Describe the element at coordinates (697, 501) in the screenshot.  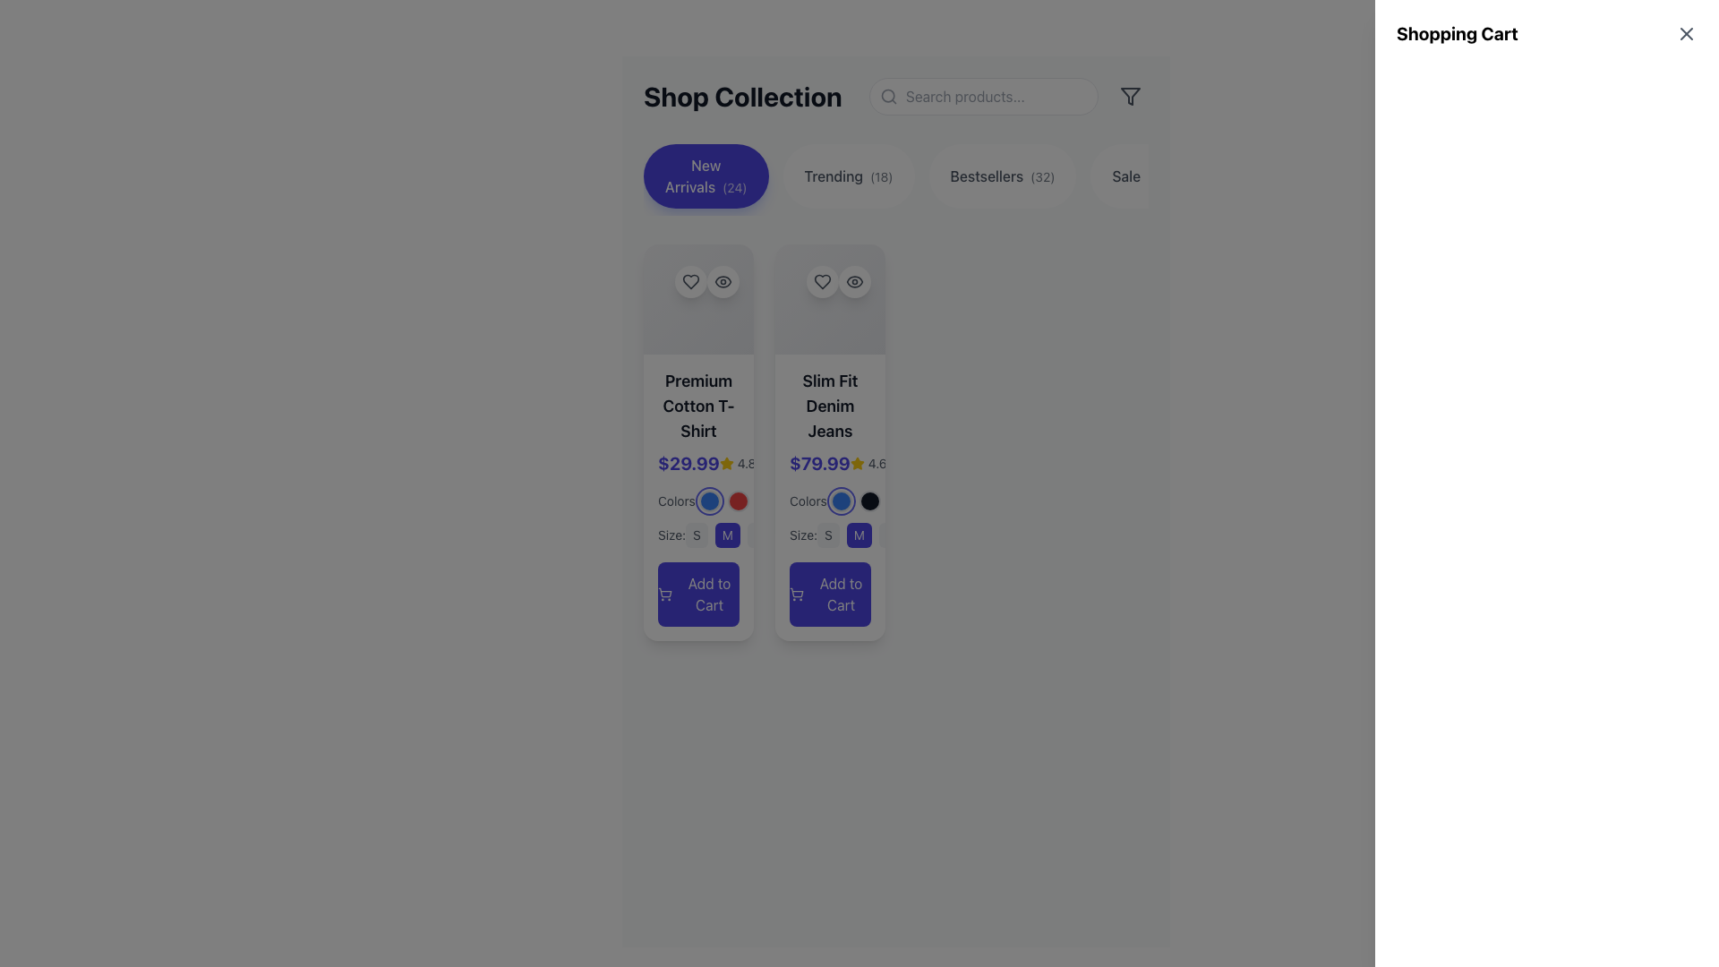
I see `the first interactive color selector, which is a circular blue shape with a border located in the 'Colors:' section of the Premium Cotton T-Shirt product card` at that location.